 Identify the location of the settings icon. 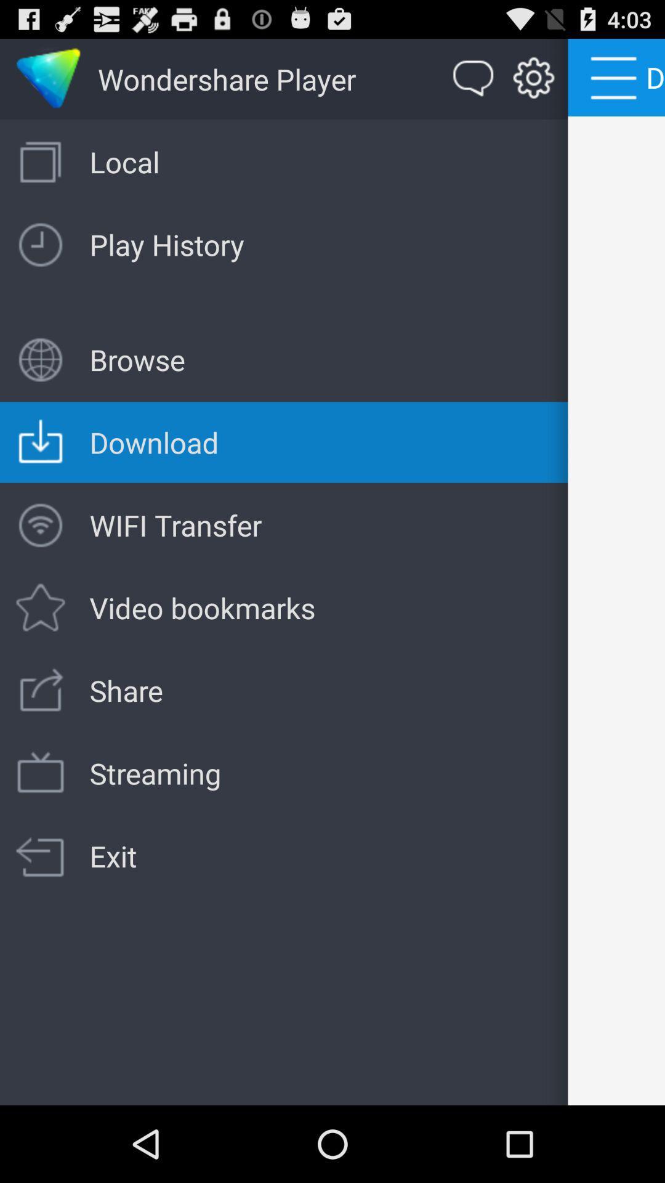
(533, 84).